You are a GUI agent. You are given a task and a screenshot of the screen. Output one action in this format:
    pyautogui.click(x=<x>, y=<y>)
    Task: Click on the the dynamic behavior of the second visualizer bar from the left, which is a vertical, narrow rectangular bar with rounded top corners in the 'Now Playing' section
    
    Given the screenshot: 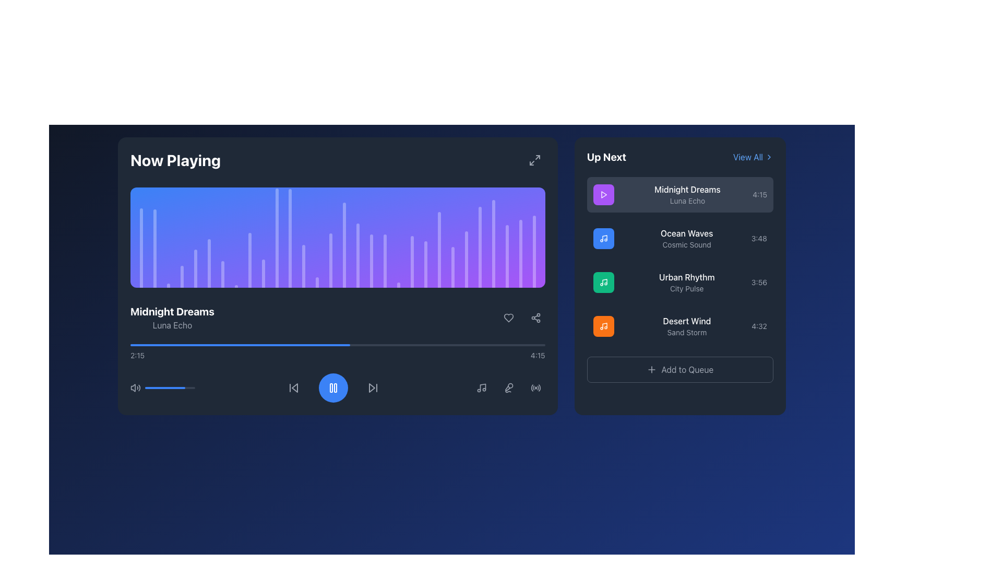 What is the action you would take?
    pyautogui.click(x=154, y=248)
    